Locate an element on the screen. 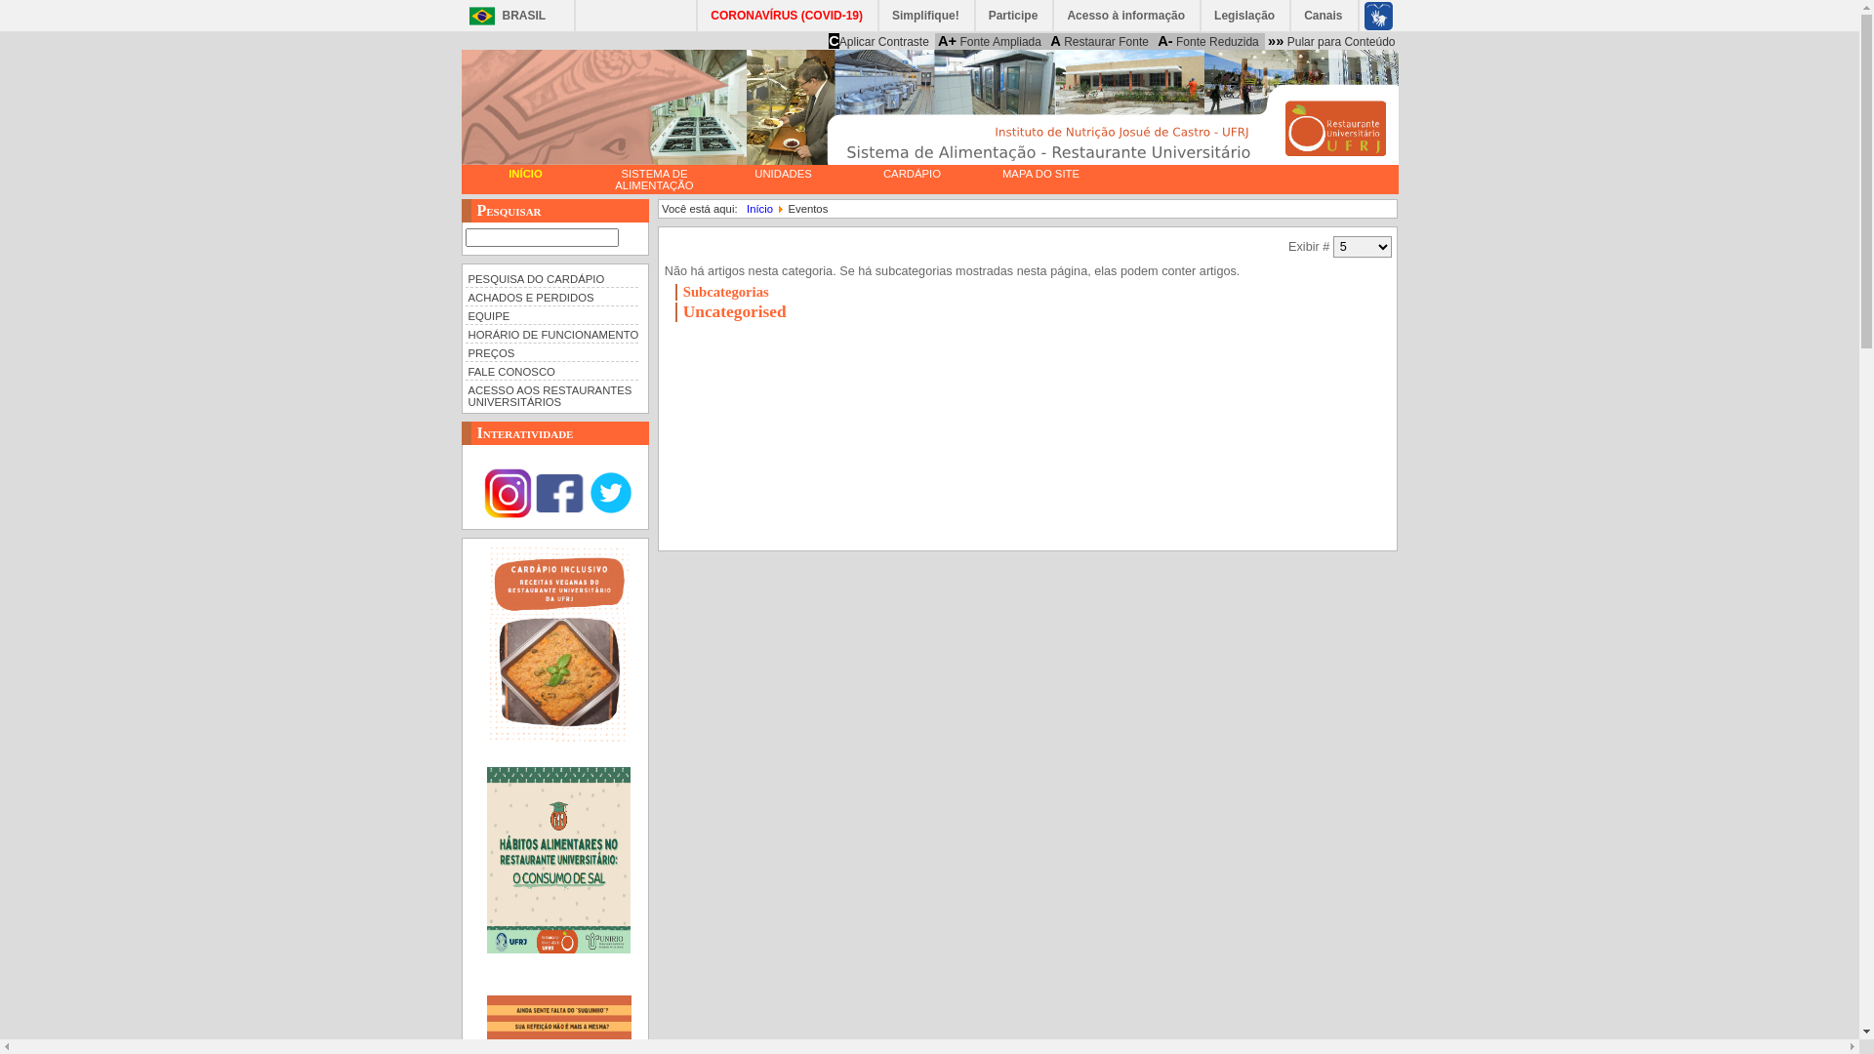 The image size is (1874, 1054). 'A- Fonte Reduzida' is located at coordinates (1154, 41).